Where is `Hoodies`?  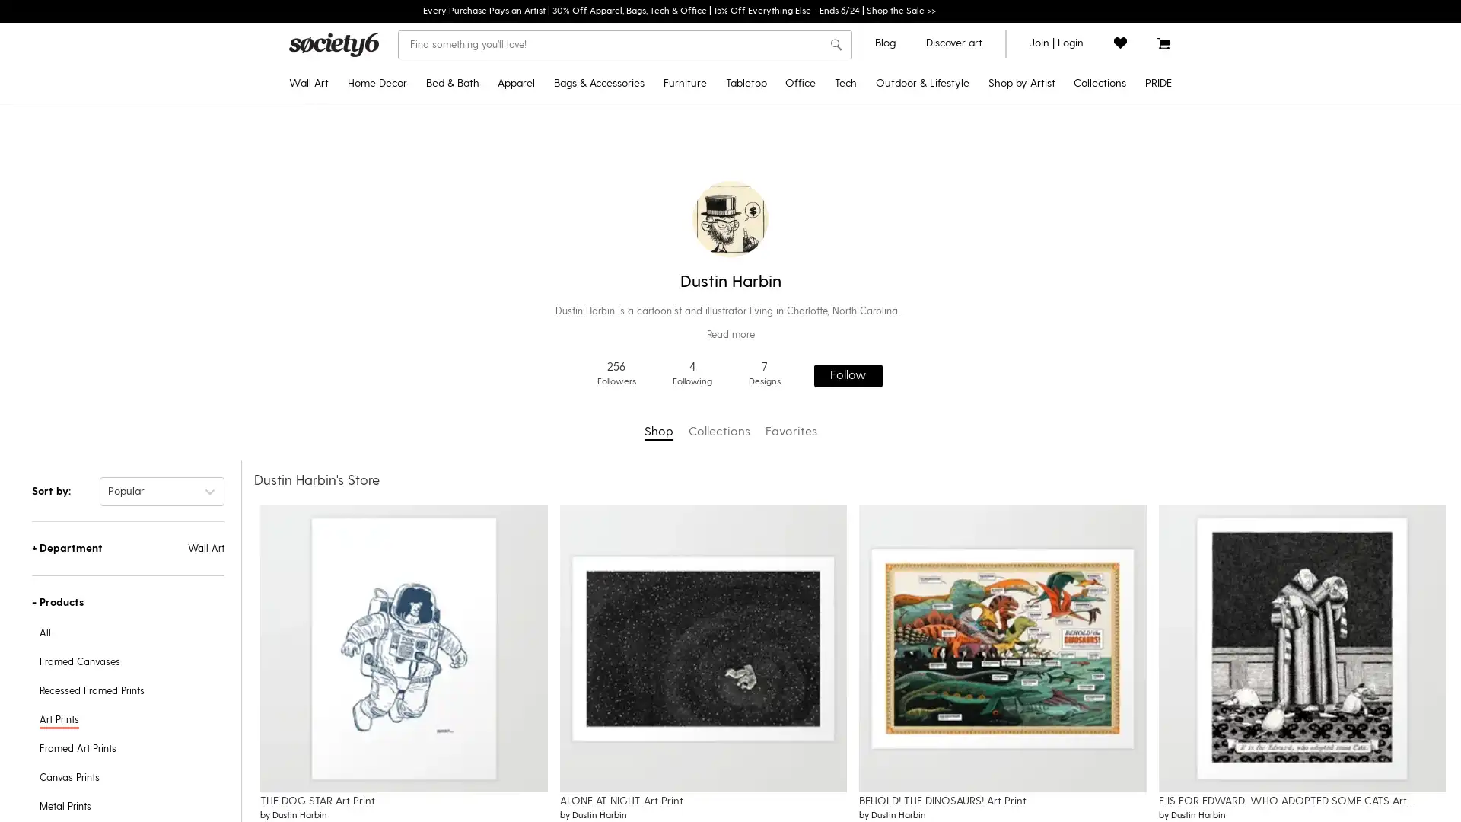
Hoodies is located at coordinates (564, 170).